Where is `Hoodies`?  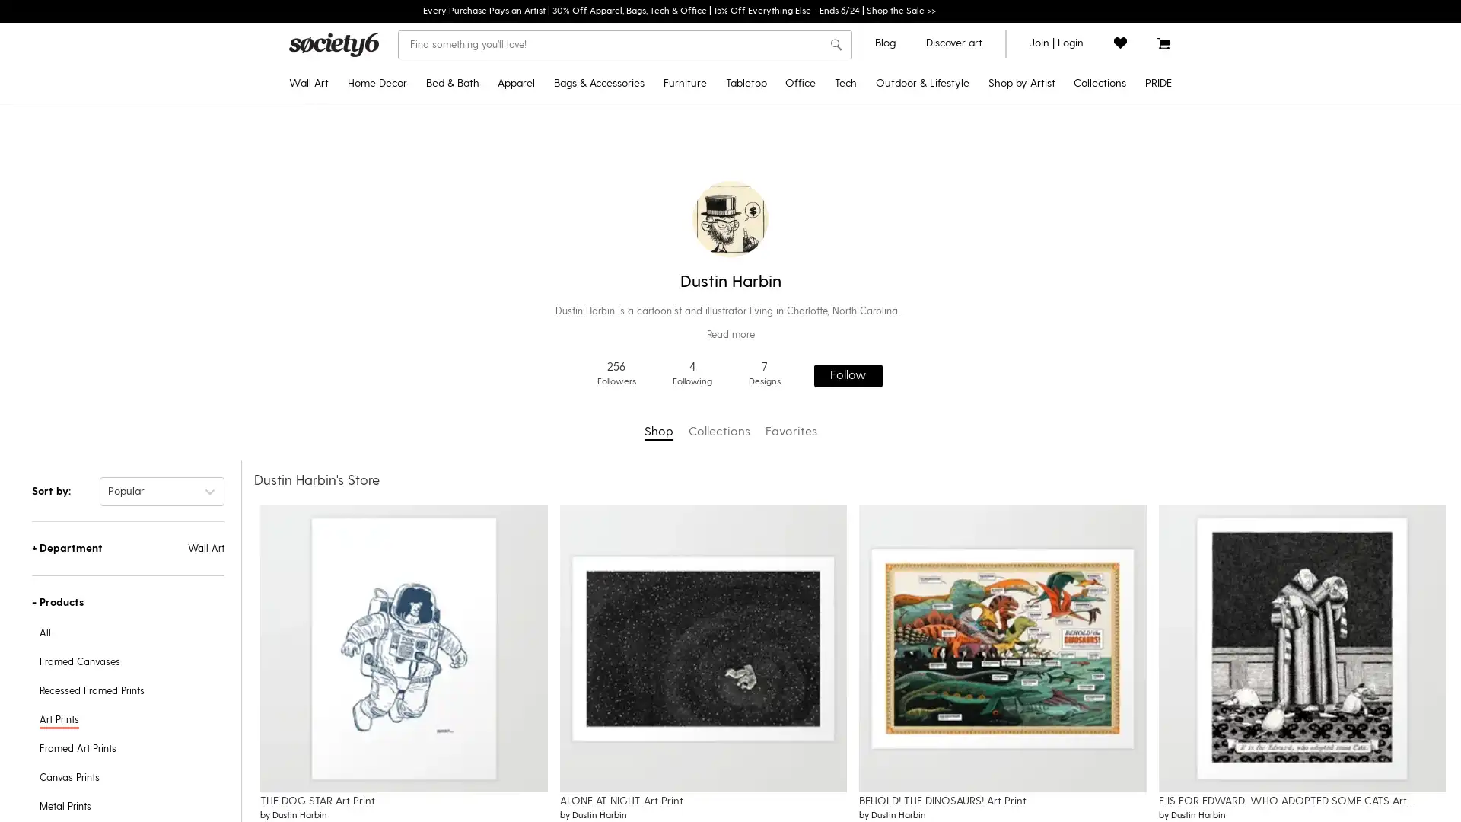
Hoodies is located at coordinates (564, 170).